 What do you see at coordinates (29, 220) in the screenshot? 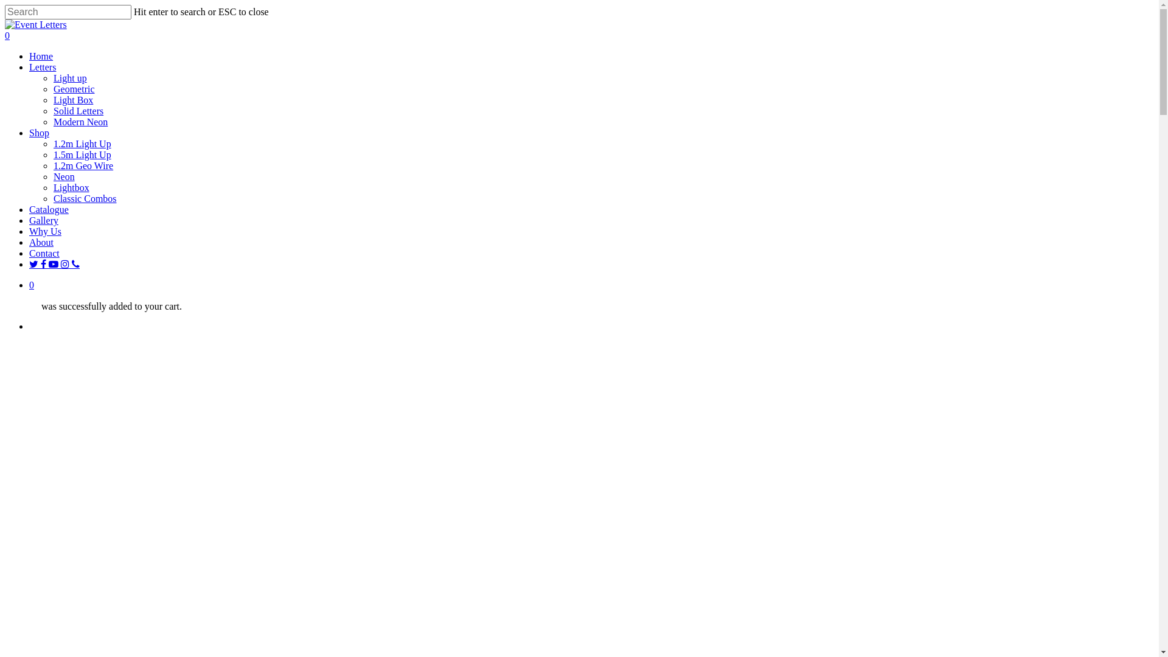
I see `'Gallery'` at bounding box center [29, 220].